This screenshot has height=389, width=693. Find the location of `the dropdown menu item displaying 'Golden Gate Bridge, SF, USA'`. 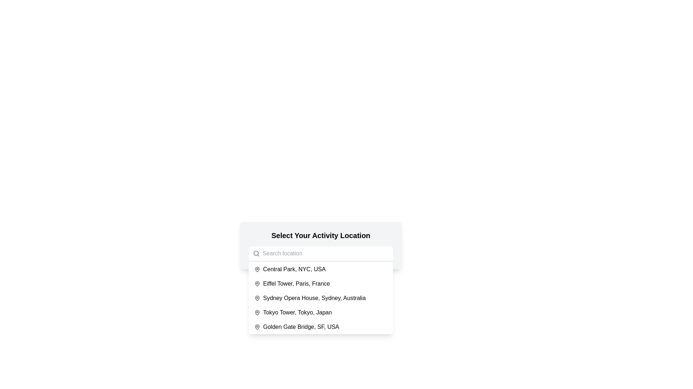

the dropdown menu item displaying 'Golden Gate Bridge, SF, USA' is located at coordinates (320, 327).